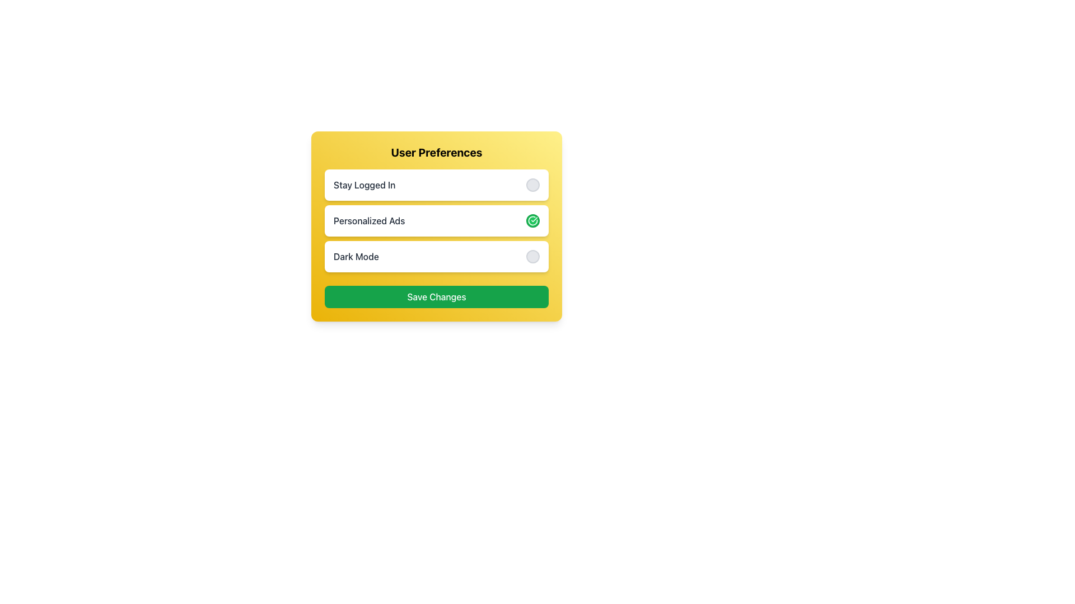 Image resolution: width=1075 pixels, height=604 pixels. What do you see at coordinates (436, 296) in the screenshot?
I see `the confirmation button located at the bottom of the 'User Preferences' card` at bounding box center [436, 296].